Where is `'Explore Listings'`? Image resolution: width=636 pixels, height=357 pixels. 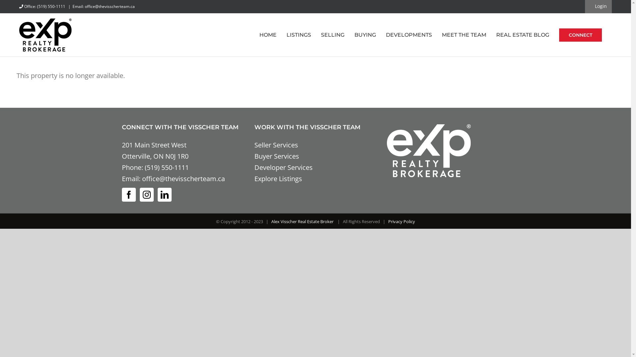 'Explore Listings' is located at coordinates (254, 178).